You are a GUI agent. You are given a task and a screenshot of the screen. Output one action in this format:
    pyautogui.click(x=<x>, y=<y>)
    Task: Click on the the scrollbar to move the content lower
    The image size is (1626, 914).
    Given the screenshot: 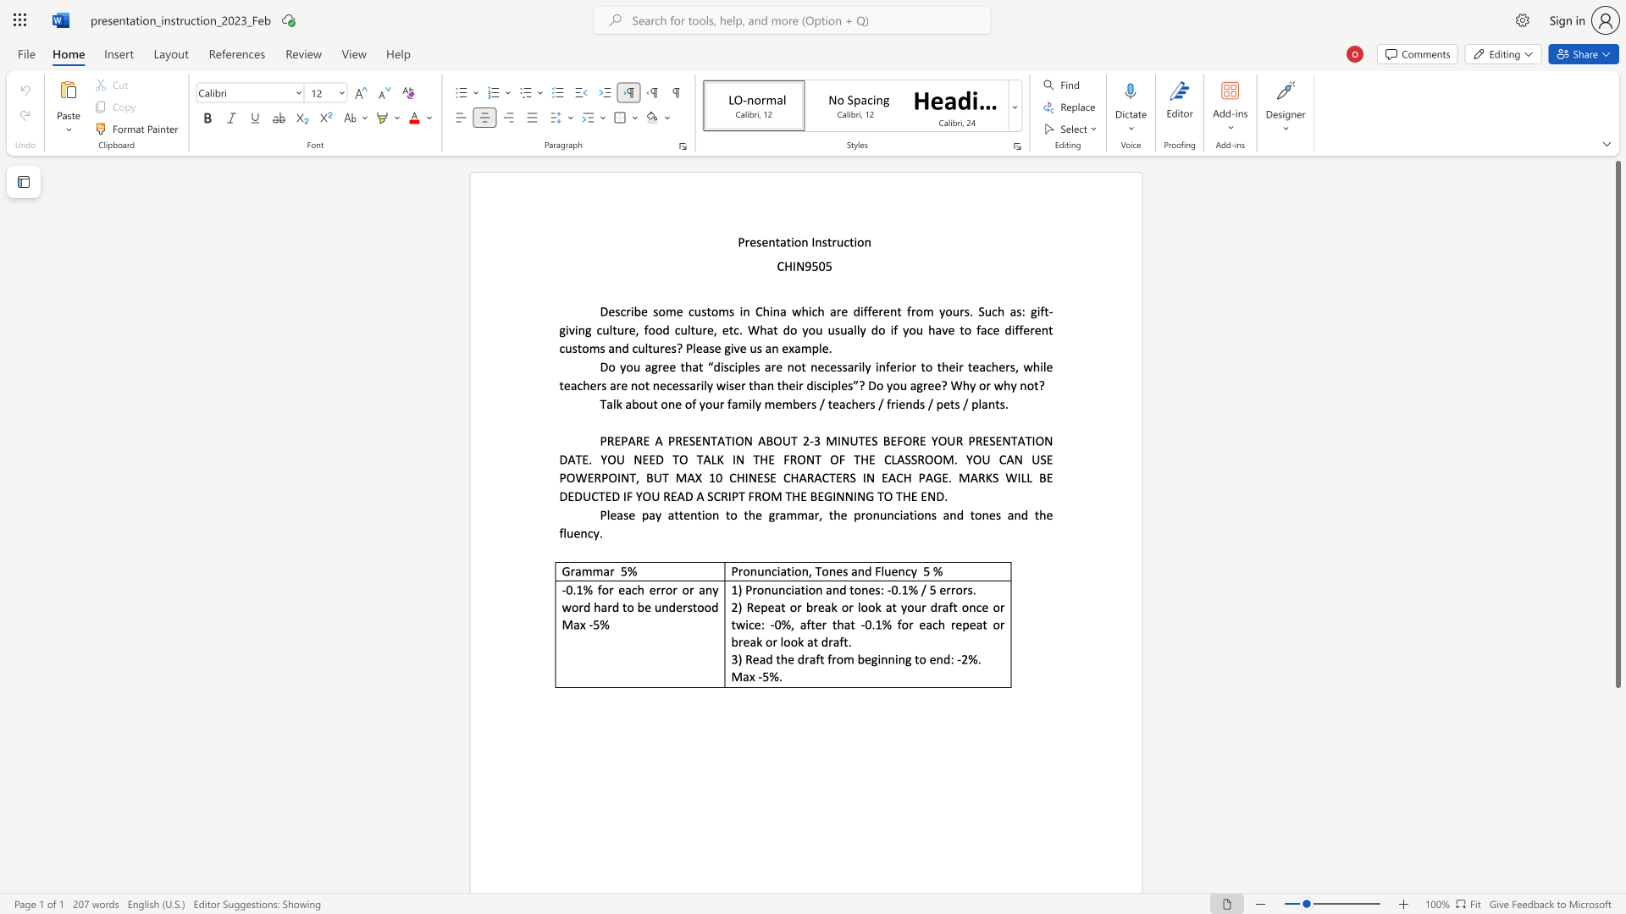 What is the action you would take?
    pyautogui.click(x=1617, y=719)
    